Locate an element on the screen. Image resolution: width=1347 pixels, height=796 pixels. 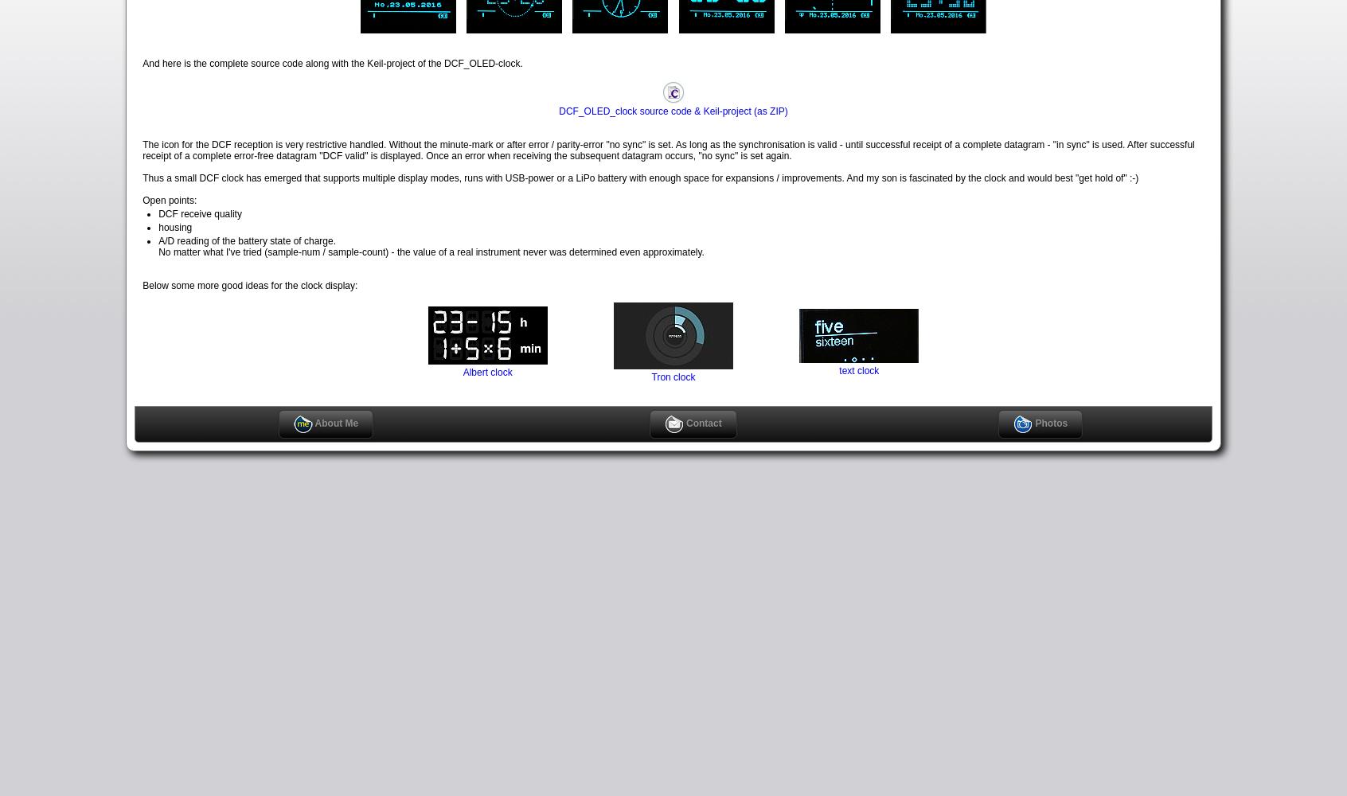
'Below some more good ideas for the clock display:' is located at coordinates (142, 284).